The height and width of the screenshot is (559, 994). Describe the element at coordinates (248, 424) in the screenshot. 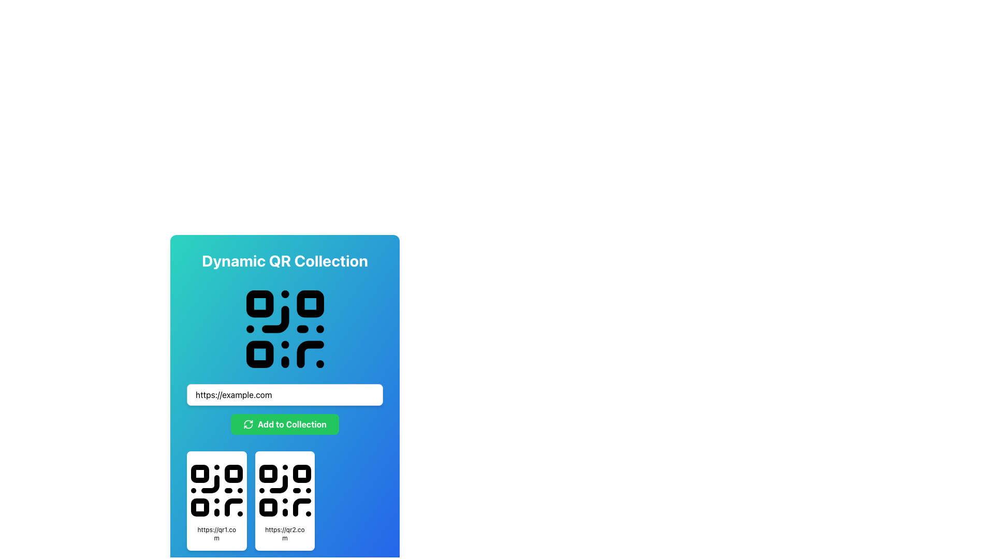

I see `the circular arrow icon located on the left side of the 'Add to Collection' button` at that location.